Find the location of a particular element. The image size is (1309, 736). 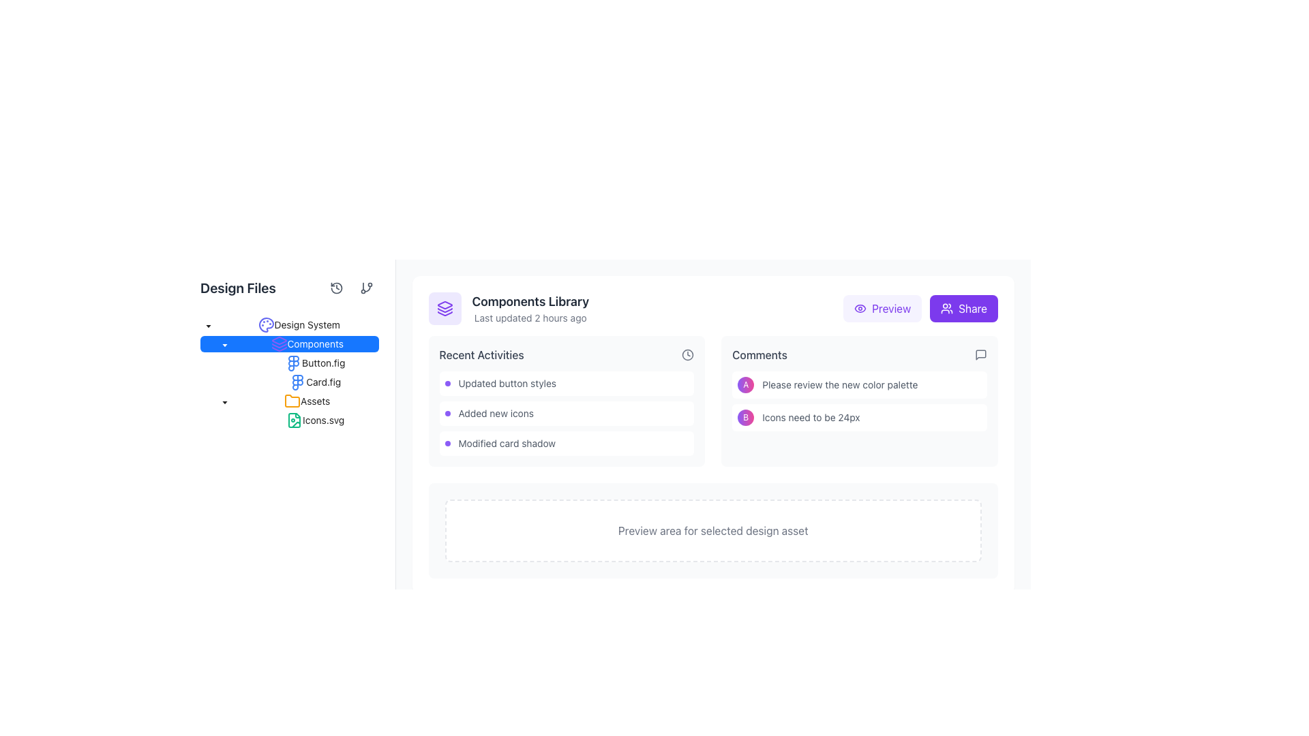

the expansion toggle icon for the 'Components' item is located at coordinates (225, 344).